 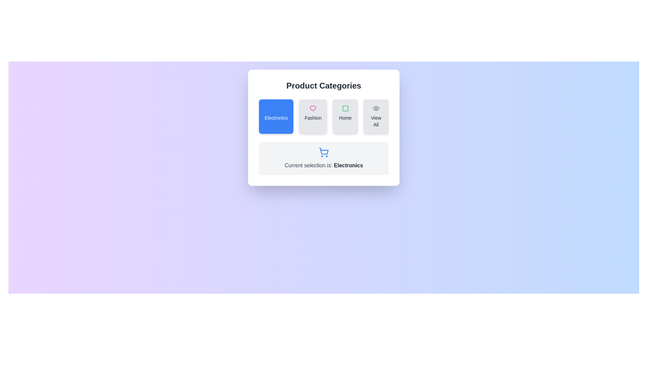 What do you see at coordinates (345, 116) in the screenshot?
I see `the 'Home' button located between 'Fashion' and 'View All' in the 'Product Categories' section` at bounding box center [345, 116].